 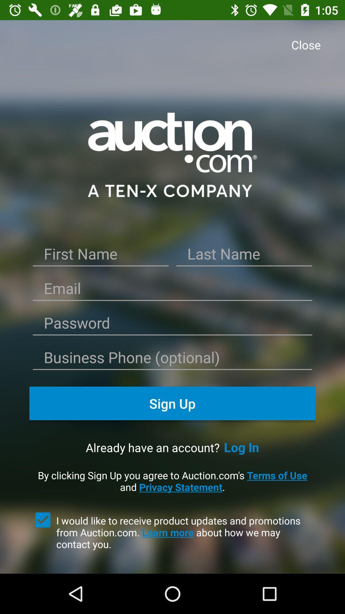 I want to click on the icon at the bottom left corner, so click(x=43, y=520).